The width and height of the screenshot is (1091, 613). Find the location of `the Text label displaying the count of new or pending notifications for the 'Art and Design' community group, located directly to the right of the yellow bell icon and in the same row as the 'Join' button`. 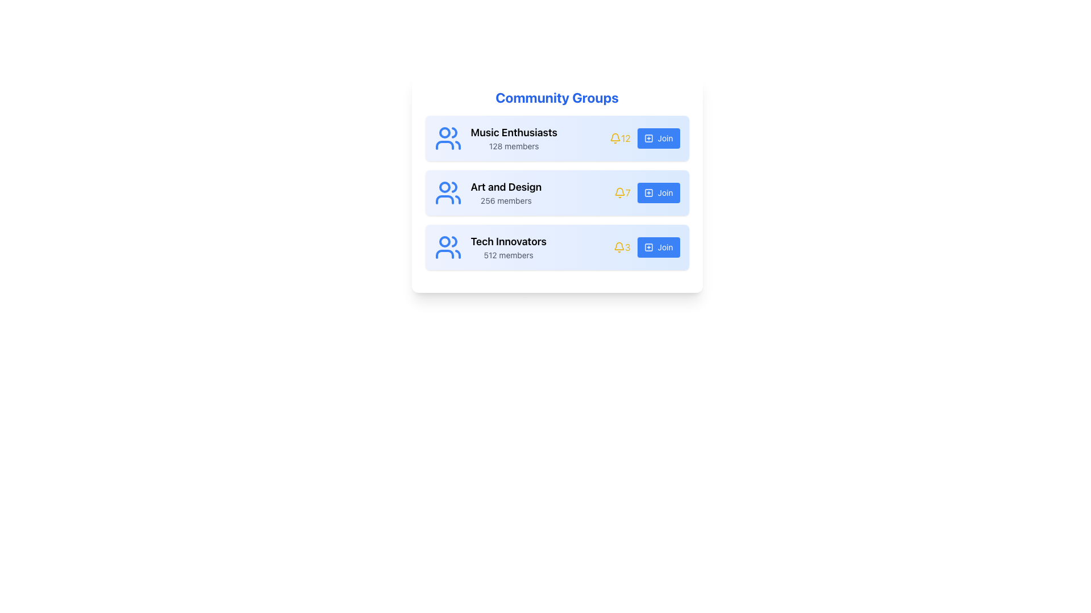

the Text label displaying the count of new or pending notifications for the 'Art and Design' community group, located directly to the right of the yellow bell icon and in the same row as the 'Join' button is located at coordinates (622, 192).